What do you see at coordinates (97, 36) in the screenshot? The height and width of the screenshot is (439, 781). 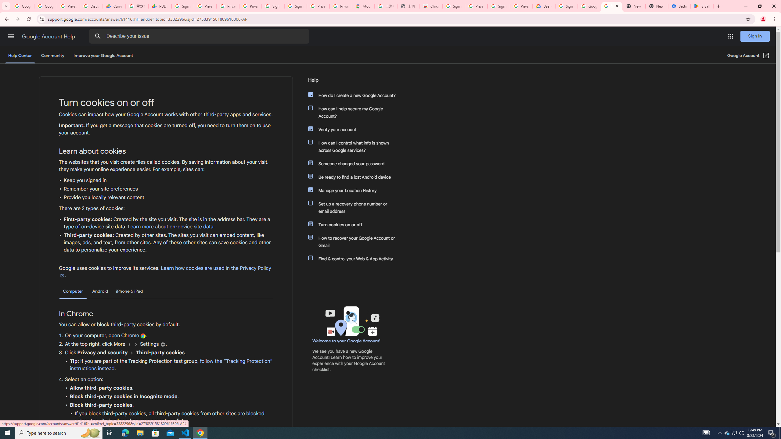 I see `'Search Help Center'` at bounding box center [97, 36].